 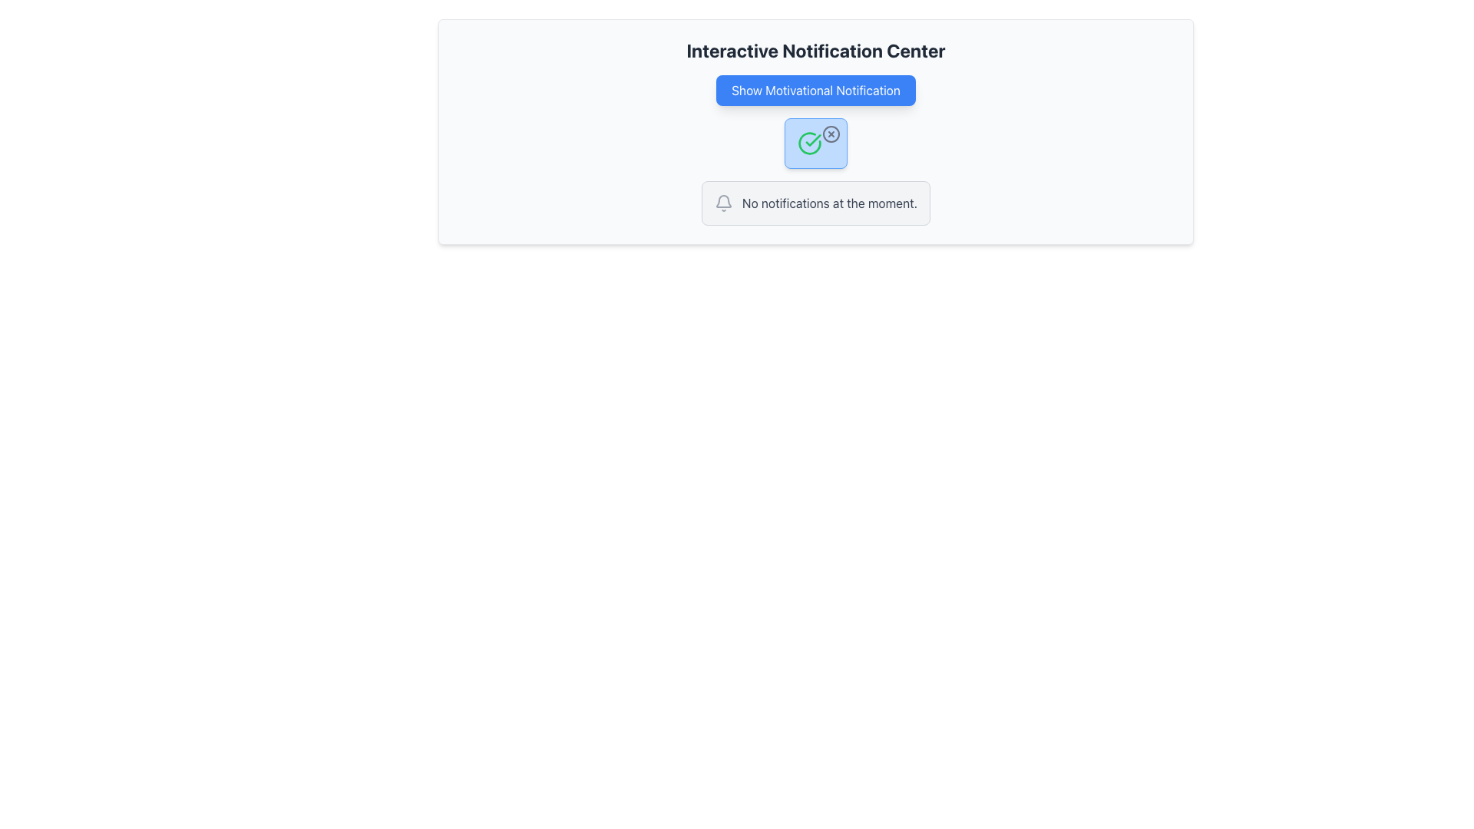 I want to click on the title text labeled 'Interactive Notification Center', which is prominently displayed at the top of the notification interface, so click(x=815, y=49).